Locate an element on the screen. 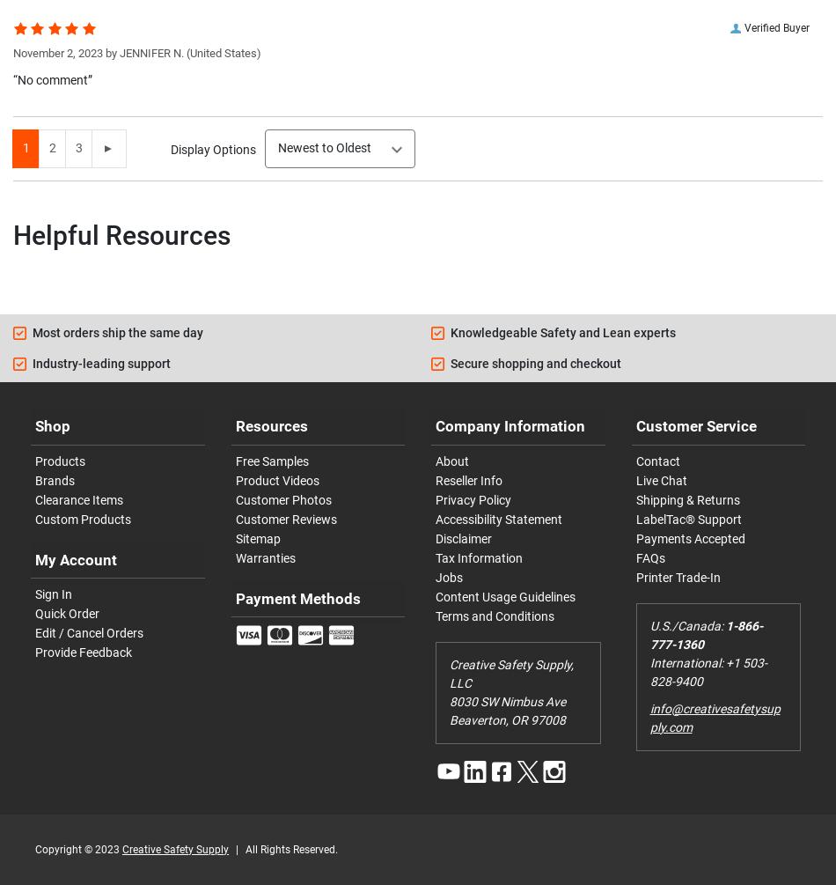  'Payments Accepted' is located at coordinates (634, 537).